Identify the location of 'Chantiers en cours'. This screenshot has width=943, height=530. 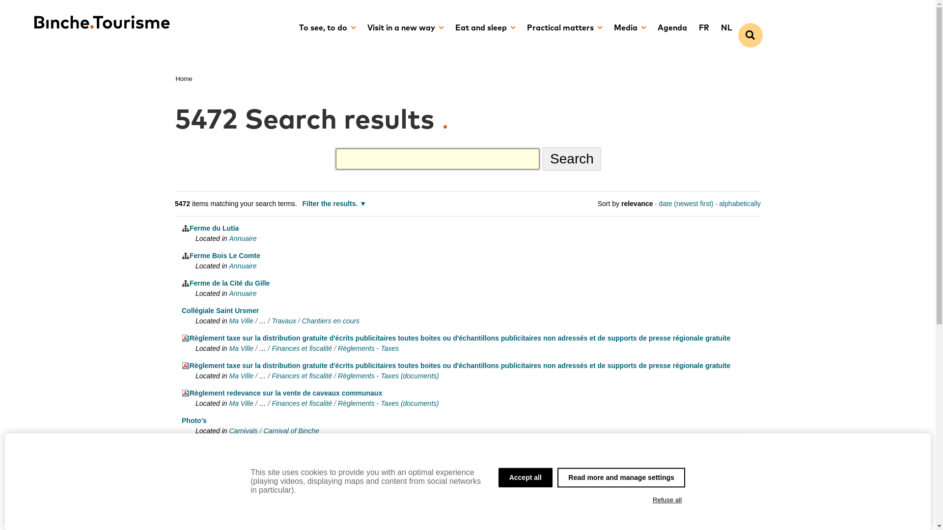
(331, 321).